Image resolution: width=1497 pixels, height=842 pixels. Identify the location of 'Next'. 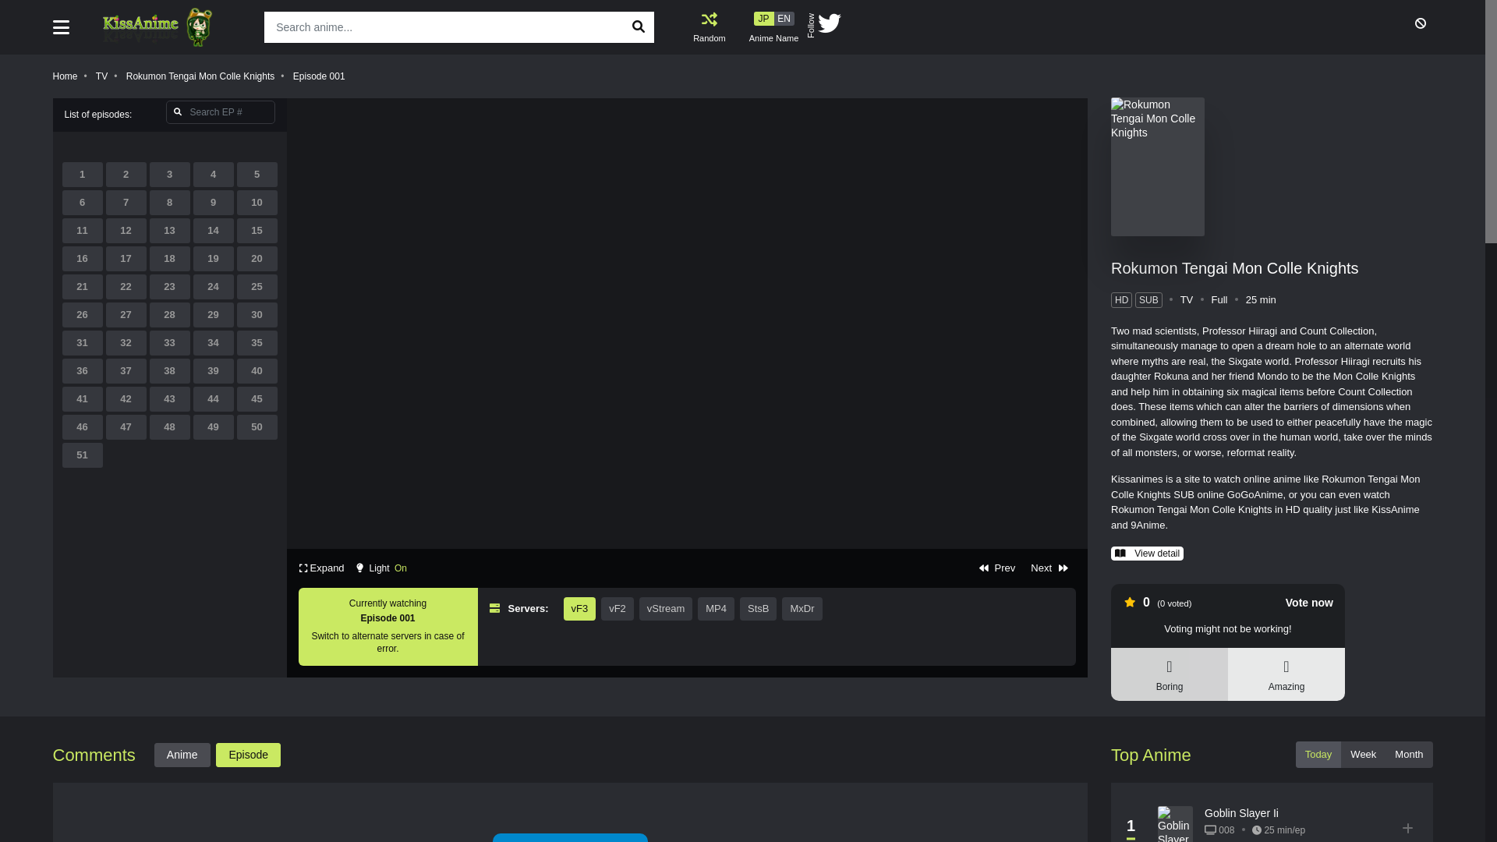
(1049, 568).